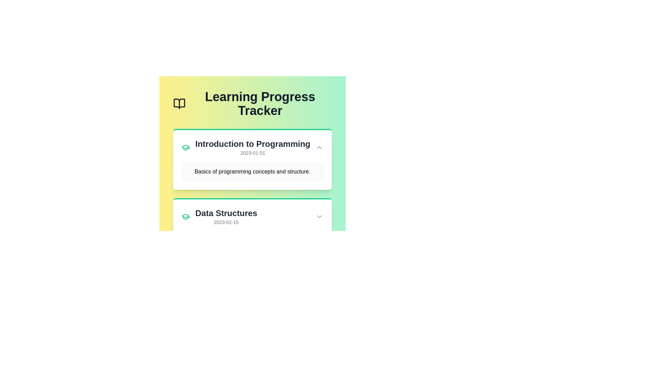  I want to click on the 'Data Structures' section header with a graduation cap icon and a downward arrow, located in the green background of the 'Learning Progress Tracker', so click(252, 216).